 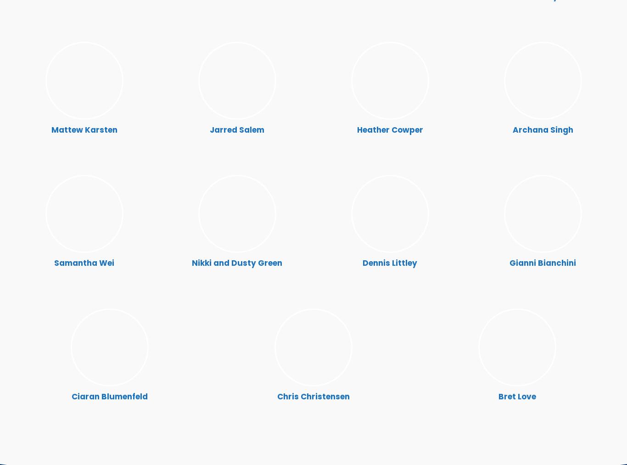 I want to click on 'Mattew Karsten', so click(x=84, y=129).